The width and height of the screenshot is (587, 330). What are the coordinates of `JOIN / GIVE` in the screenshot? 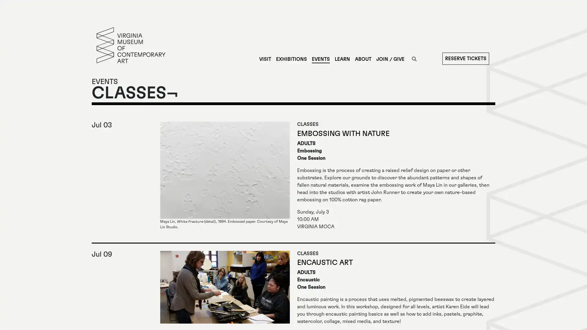 It's located at (390, 59).